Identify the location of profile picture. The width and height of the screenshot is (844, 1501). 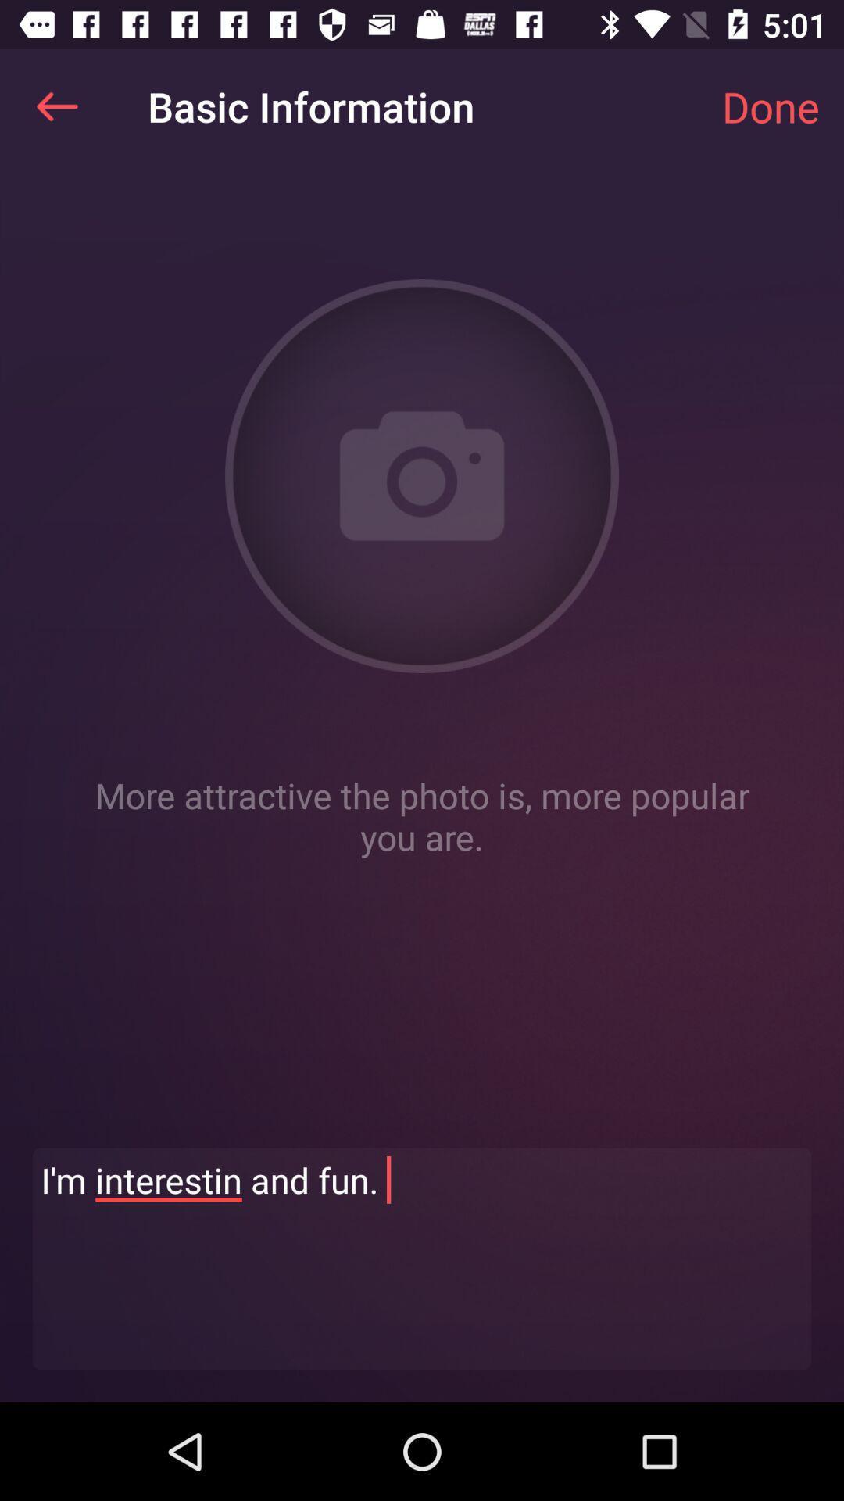
(422, 475).